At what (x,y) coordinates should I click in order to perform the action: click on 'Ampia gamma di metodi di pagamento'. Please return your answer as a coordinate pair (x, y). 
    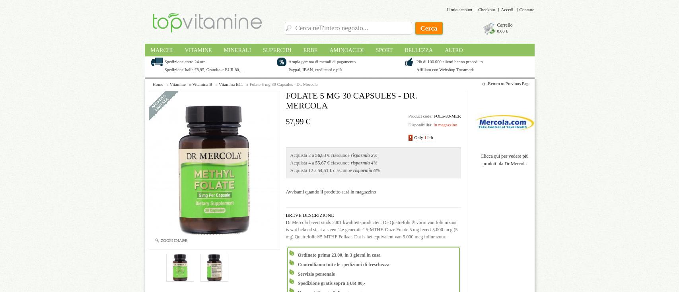
    Looking at the image, I should click on (322, 60).